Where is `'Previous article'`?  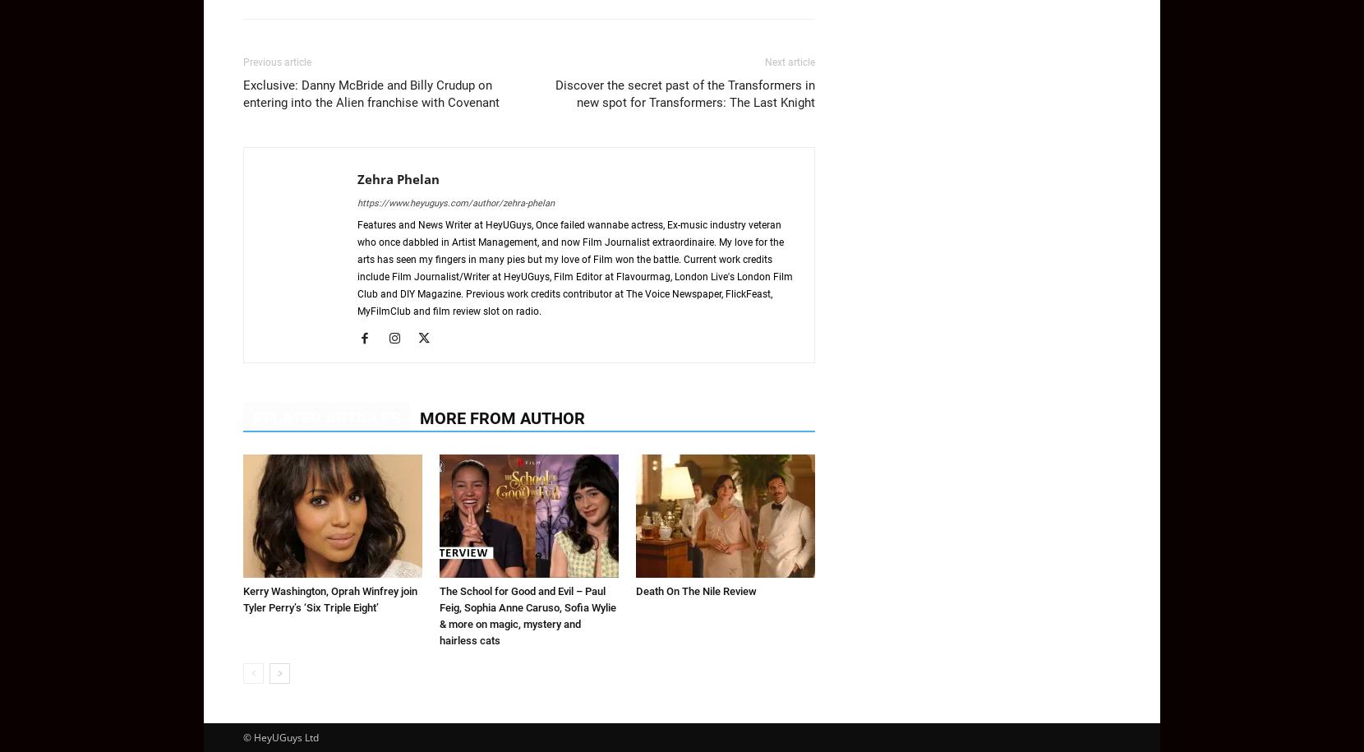
'Previous article' is located at coordinates (242, 62).